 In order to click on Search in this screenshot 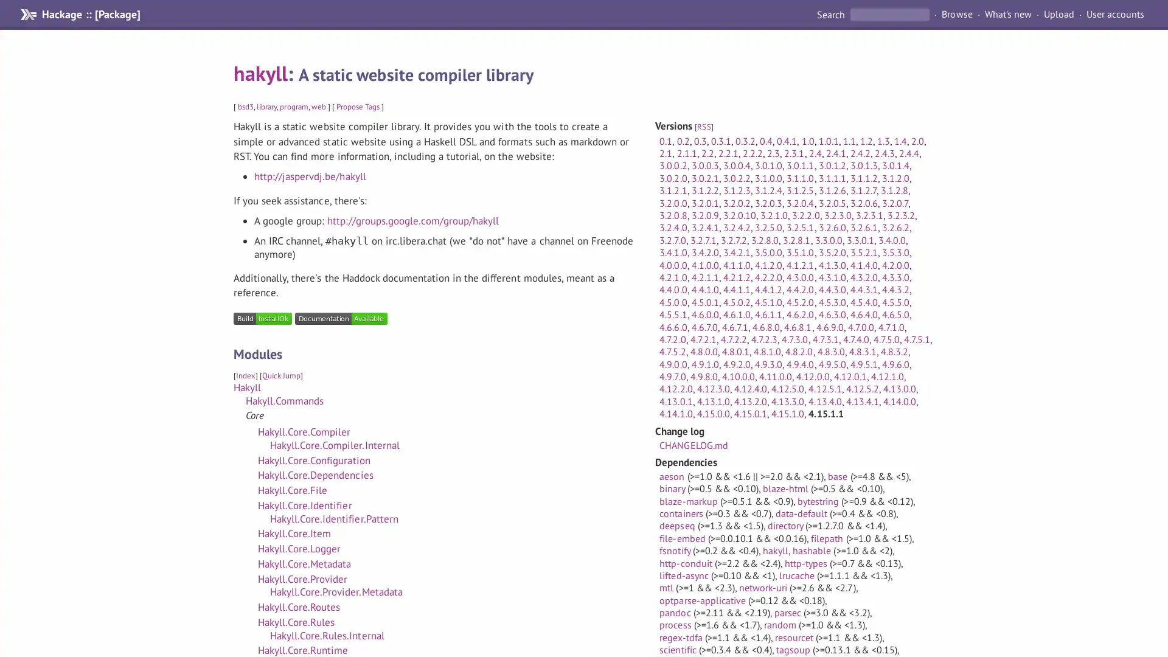, I will do `click(831, 14)`.